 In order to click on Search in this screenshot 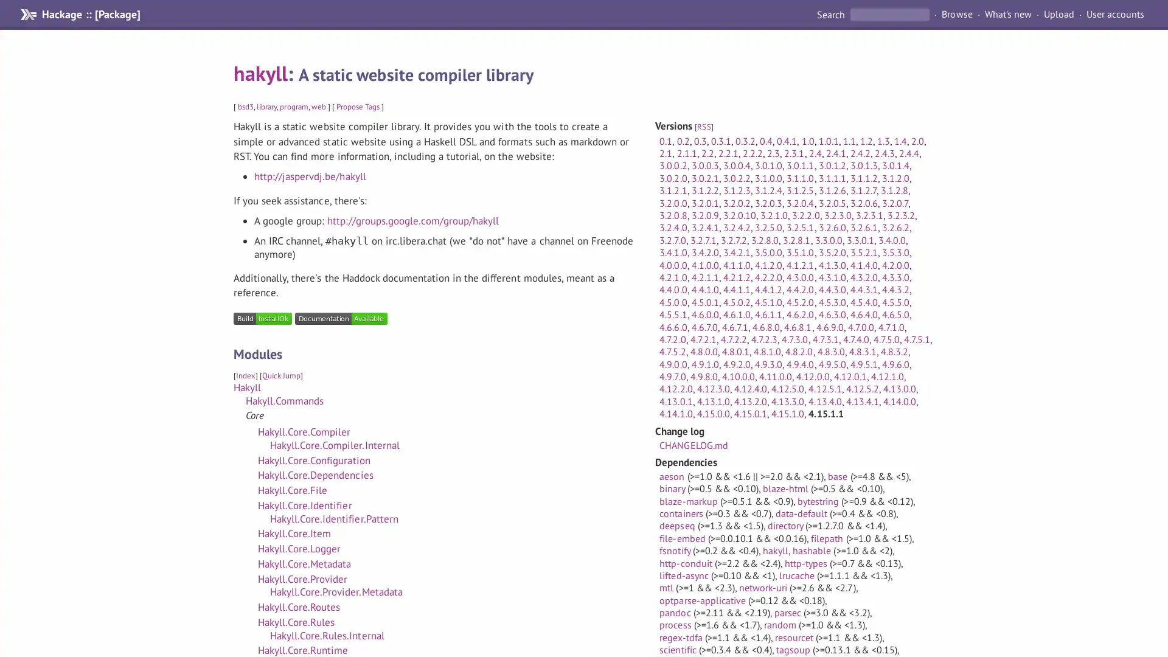, I will do `click(831, 14)`.